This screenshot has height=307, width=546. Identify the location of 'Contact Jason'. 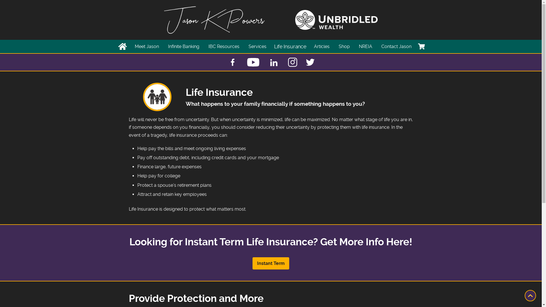
(396, 46).